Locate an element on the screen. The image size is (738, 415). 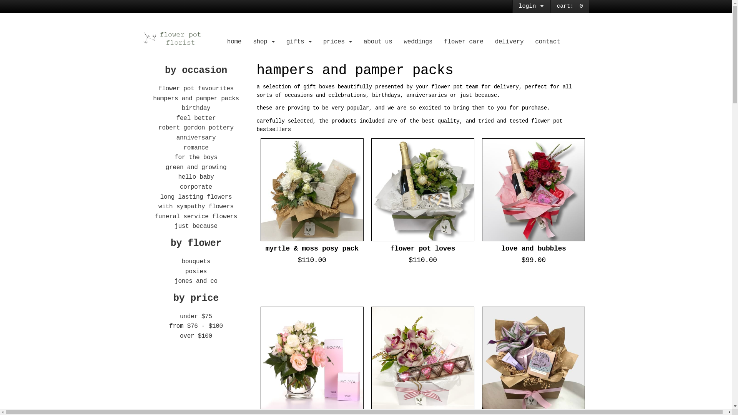
'from $76 - $100' is located at coordinates (196, 326).